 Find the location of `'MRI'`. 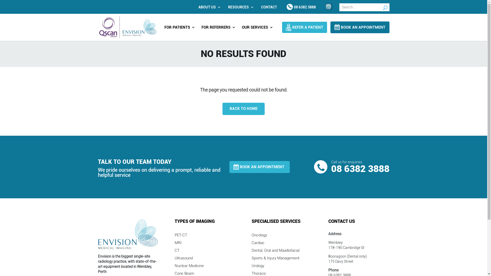

'MRI' is located at coordinates (178, 243).